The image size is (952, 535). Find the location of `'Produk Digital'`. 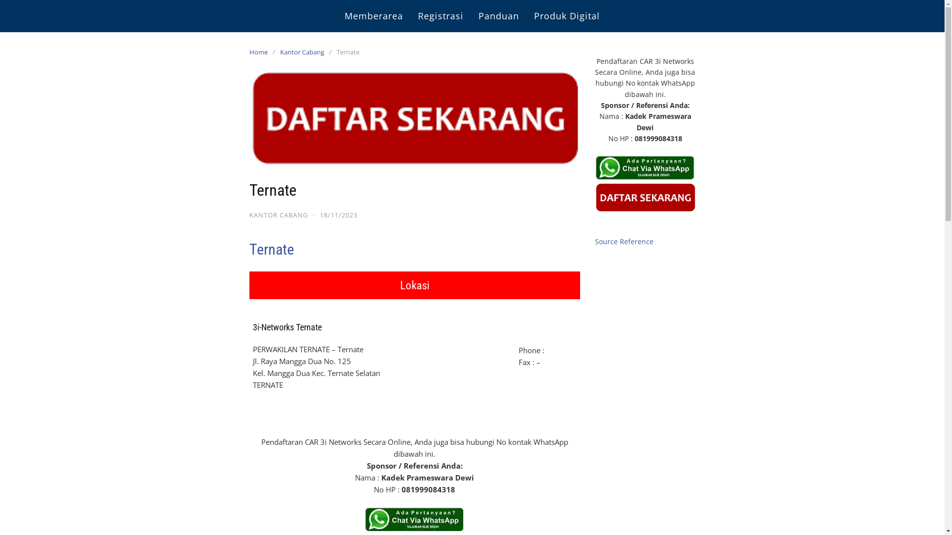

'Produk Digital' is located at coordinates (567, 16).